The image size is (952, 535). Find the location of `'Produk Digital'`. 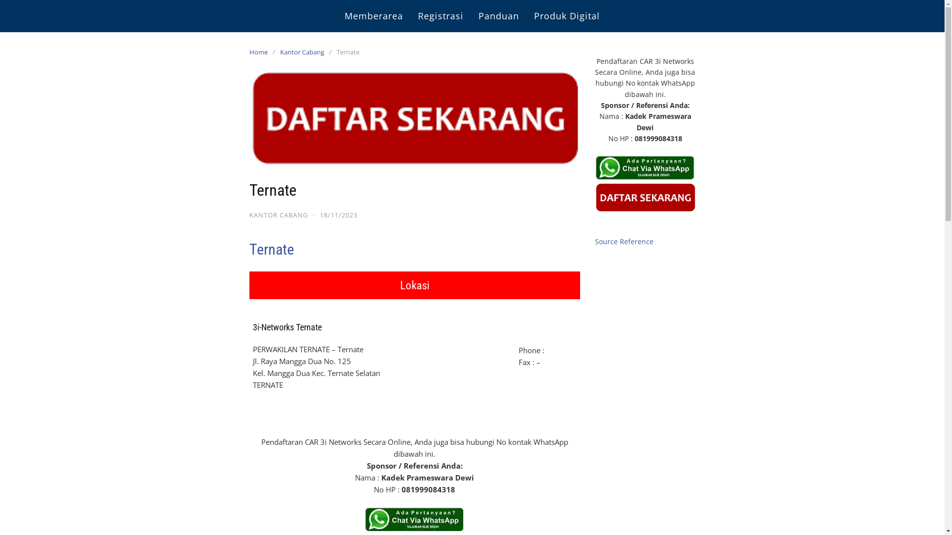

'Produk Digital' is located at coordinates (567, 16).